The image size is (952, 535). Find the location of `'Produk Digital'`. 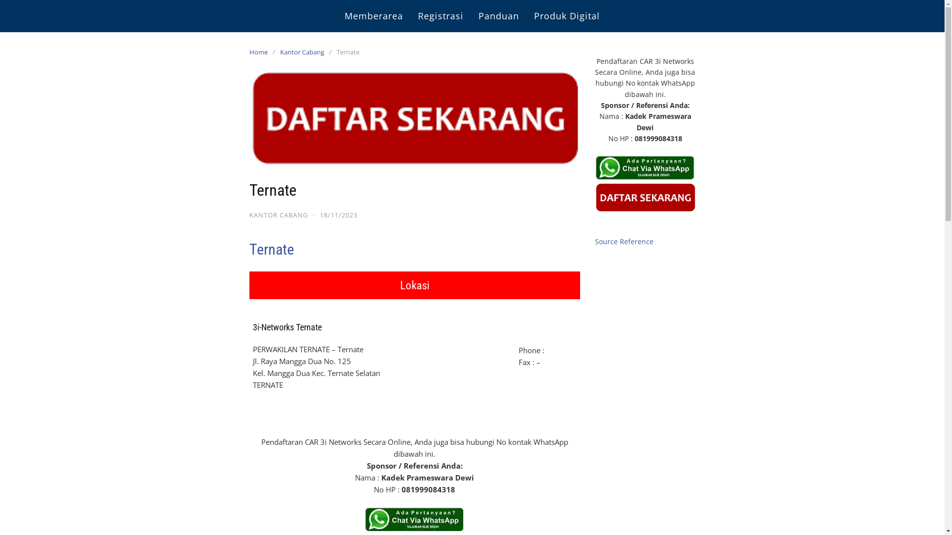

'Produk Digital' is located at coordinates (567, 16).